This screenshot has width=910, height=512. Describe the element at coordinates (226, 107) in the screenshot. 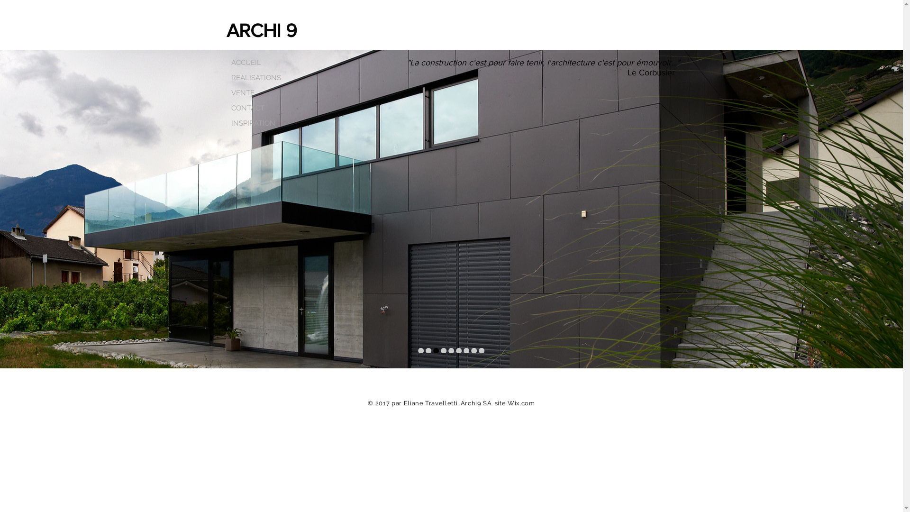

I see `'CONTACT'` at that location.